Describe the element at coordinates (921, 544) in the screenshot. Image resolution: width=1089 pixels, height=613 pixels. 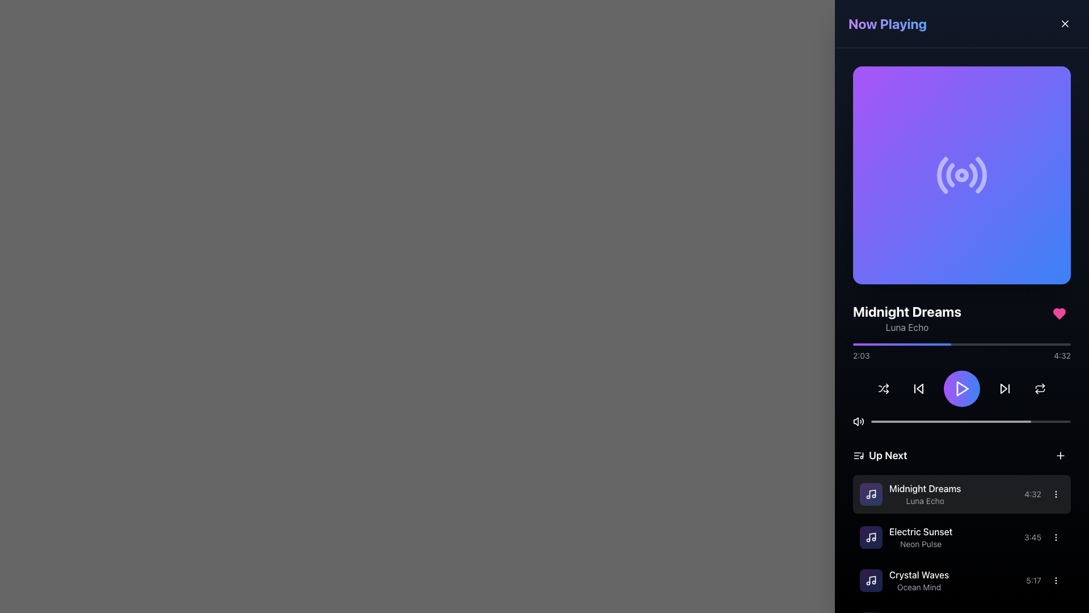
I see `the text label displaying 'Neon Pulse' in the 'Up Next' playlist section, which is positioned below 'Electric Sunset'` at that location.